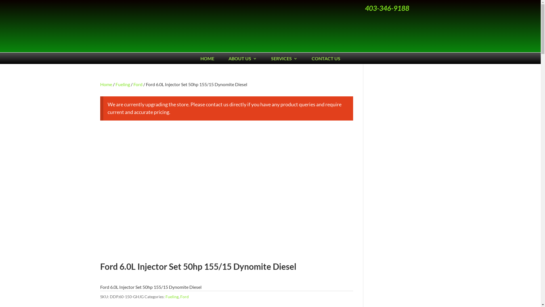 The image size is (545, 307). Describe the element at coordinates (326, 59) in the screenshot. I see `'CONTACT US'` at that location.